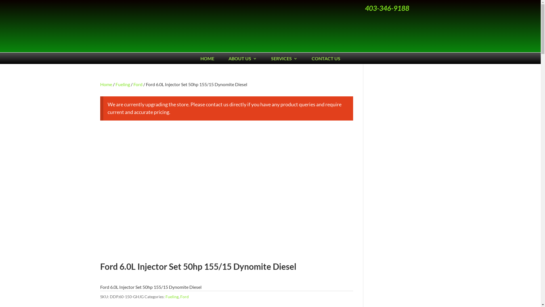 The image size is (545, 307). Describe the element at coordinates (326, 59) in the screenshot. I see `'CONTACT US'` at that location.